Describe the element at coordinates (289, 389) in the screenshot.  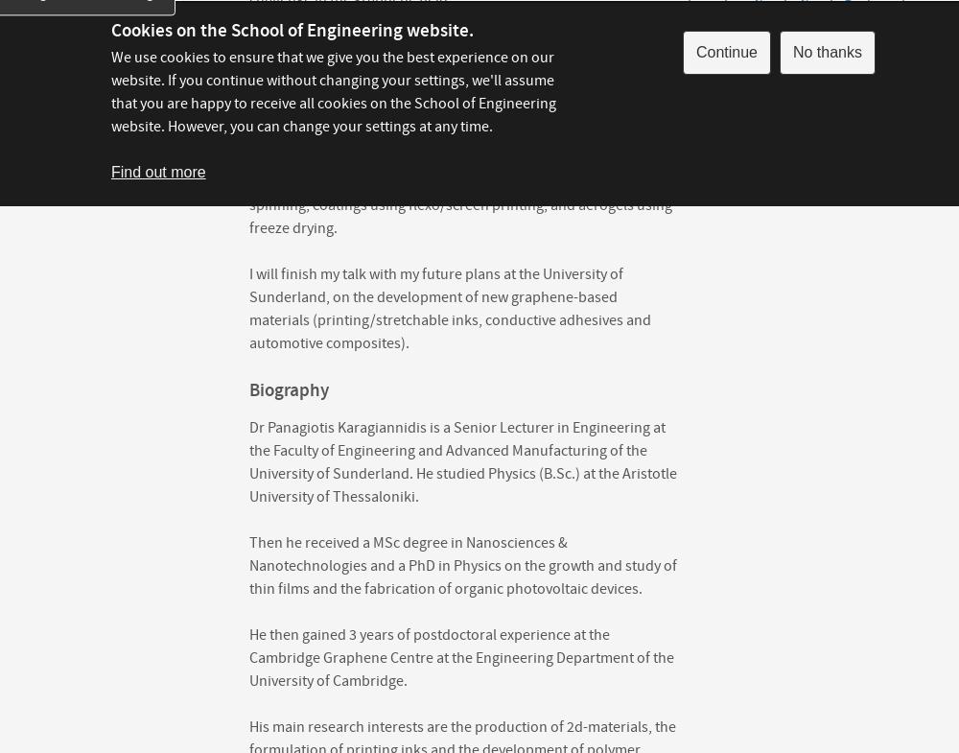
I see `'Biography'` at that location.